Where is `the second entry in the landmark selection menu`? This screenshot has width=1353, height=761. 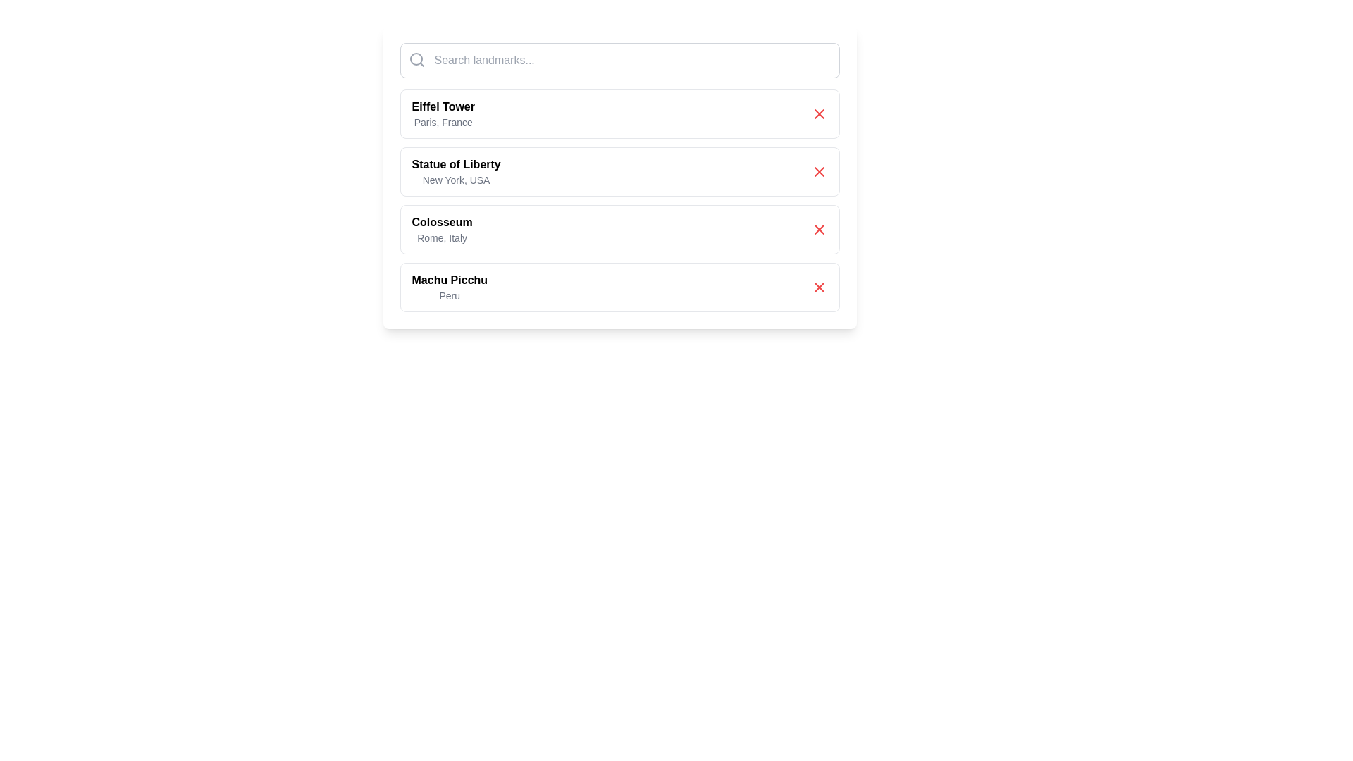 the second entry in the landmark selection menu is located at coordinates (619, 171).